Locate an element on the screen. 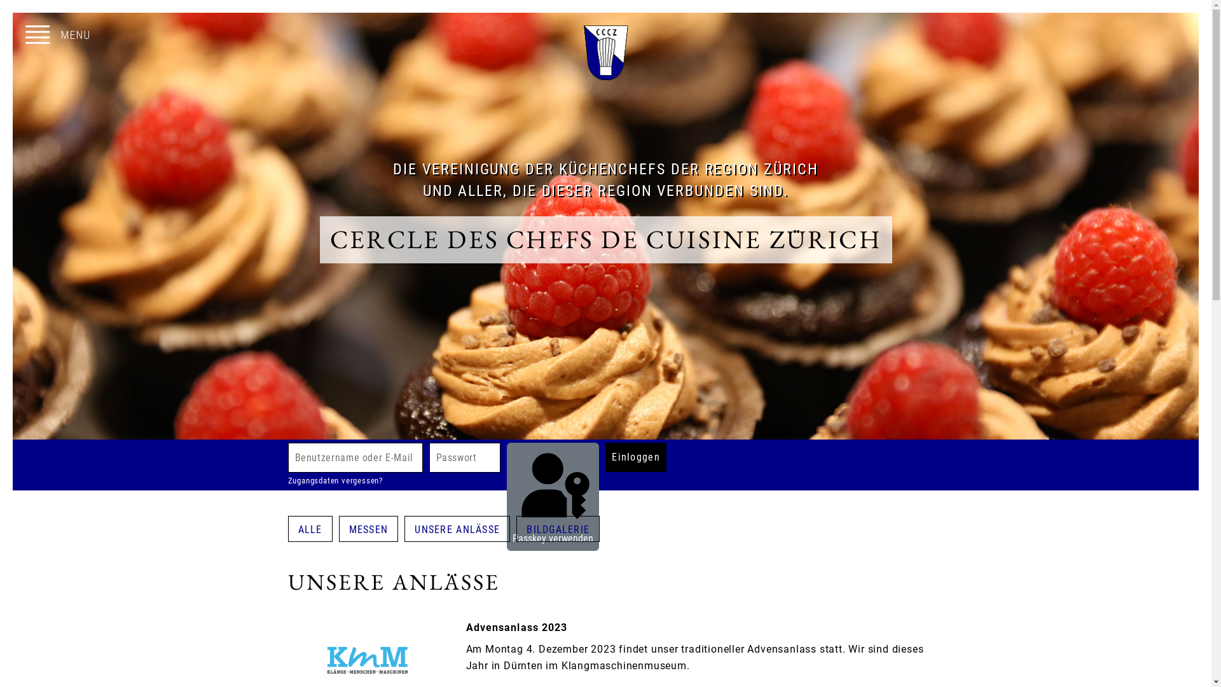  'BILDGALERIE' is located at coordinates (558, 529).